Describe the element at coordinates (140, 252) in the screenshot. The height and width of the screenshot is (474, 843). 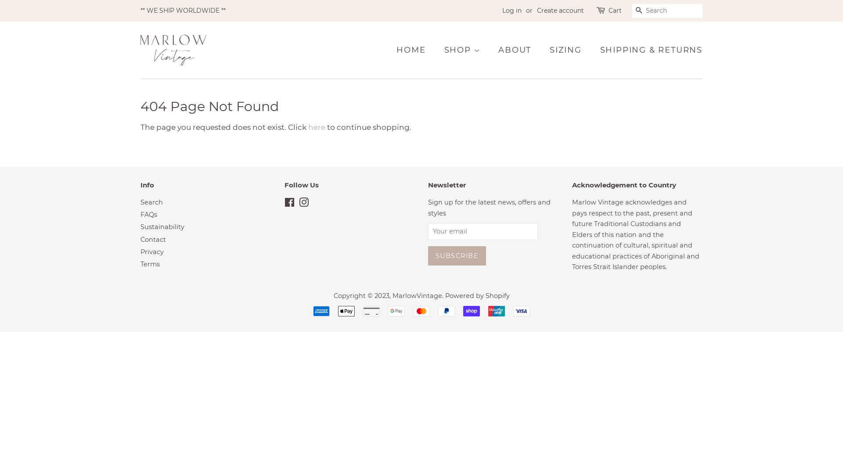
I see `'Privacy'` at that location.